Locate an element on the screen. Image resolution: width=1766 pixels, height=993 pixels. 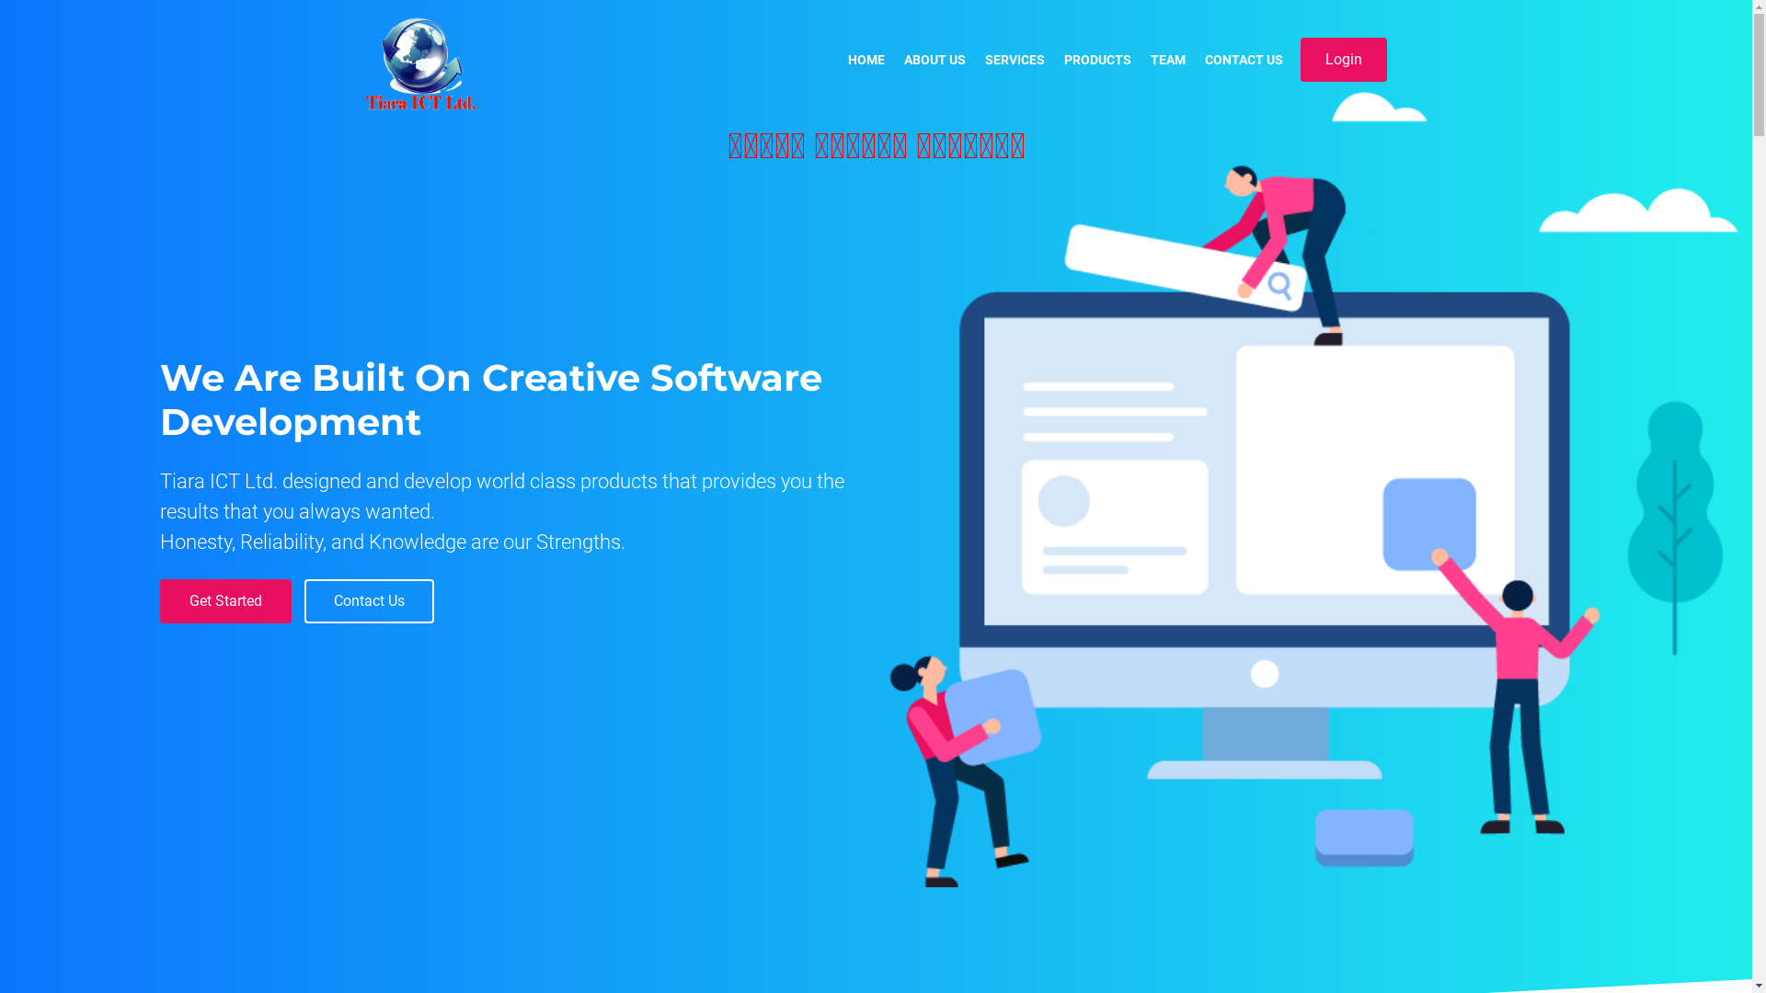
'Contact Us' is located at coordinates (368, 601).